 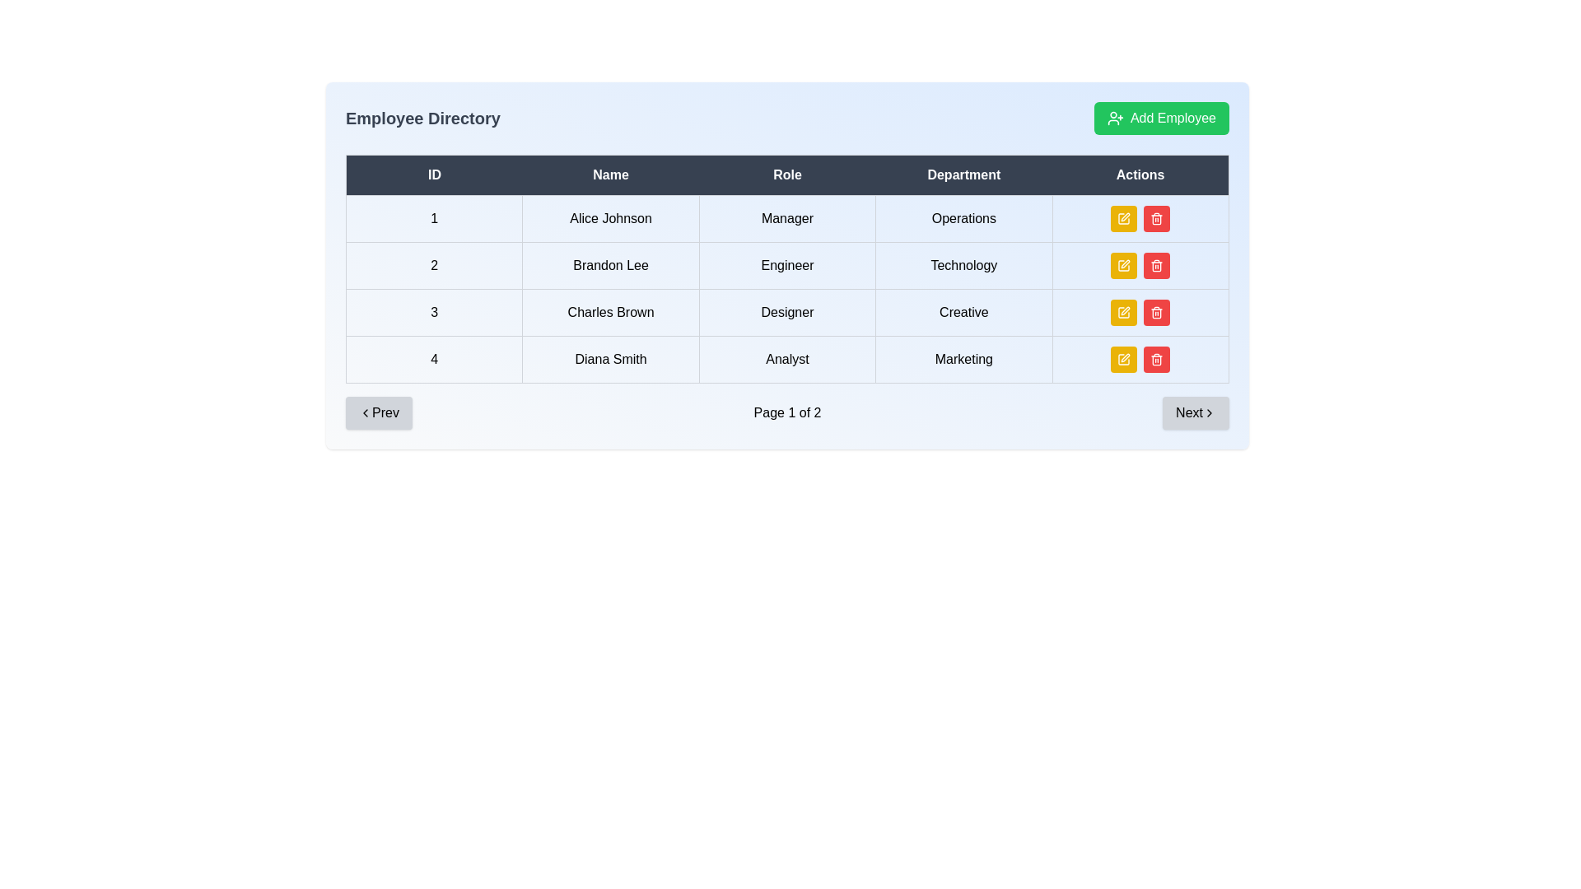 I want to click on the delete button located in the last column of the fourth row of the table to trigger tooltip or styling change, so click(x=1156, y=313).